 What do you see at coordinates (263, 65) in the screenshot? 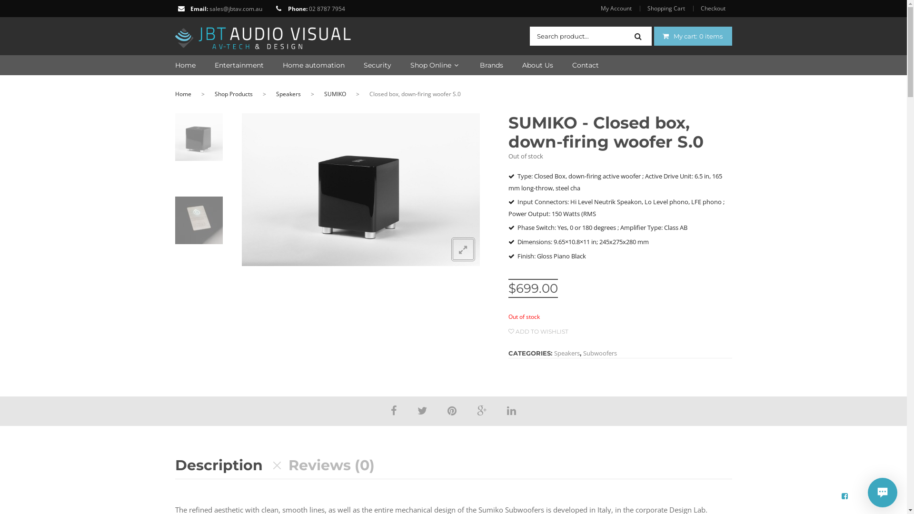
I see `'Home automation'` at bounding box center [263, 65].